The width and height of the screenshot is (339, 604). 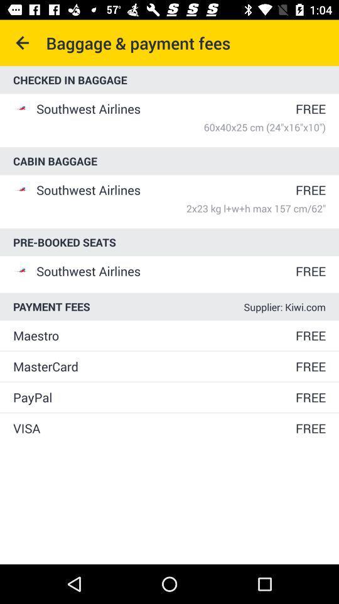 I want to click on the 60x40x25 cm 24 icon, so click(x=180, y=127).